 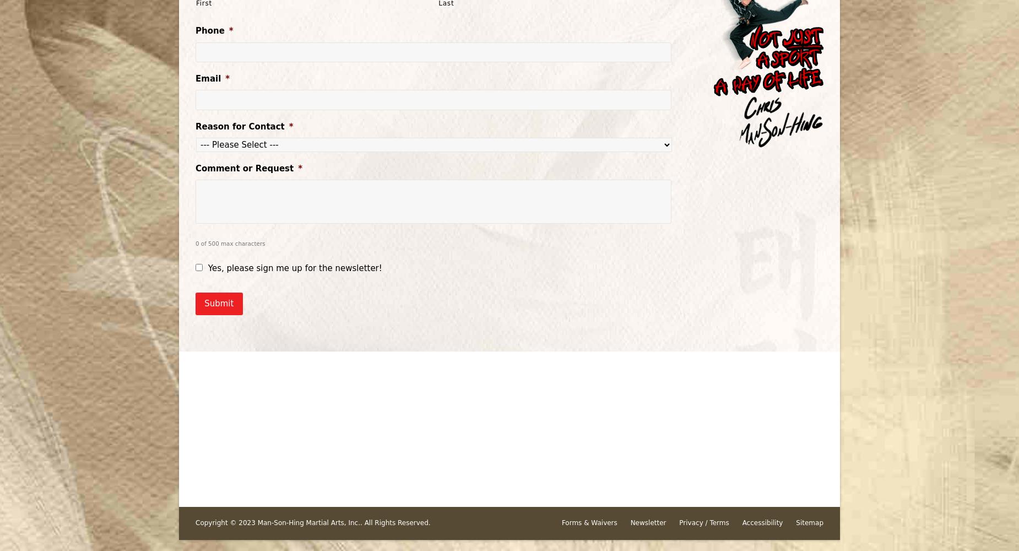 What do you see at coordinates (588, 522) in the screenshot?
I see `'Forms & Waivers'` at bounding box center [588, 522].